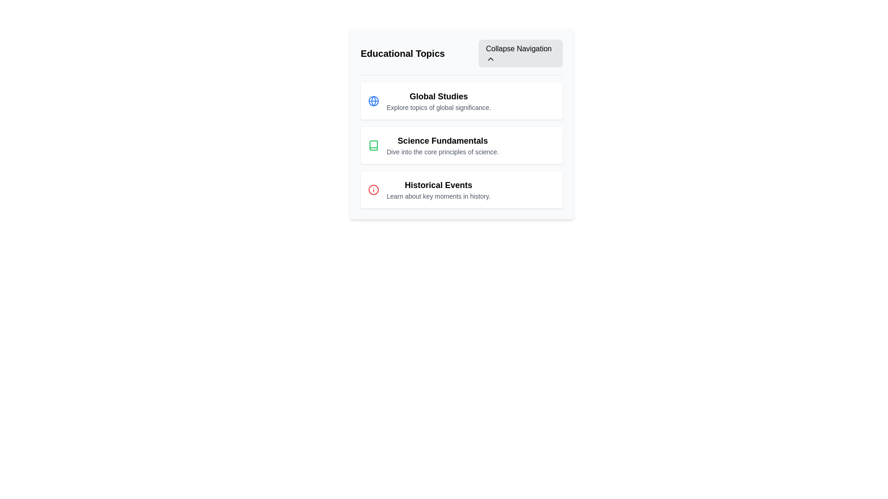 The image size is (888, 499). Describe the element at coordinates (438, 107) in the screenshot. I see `the text label displaying 'Explore topics of global significance.' which is styled in gray and located below the title 'Global Studies.'` at that location.